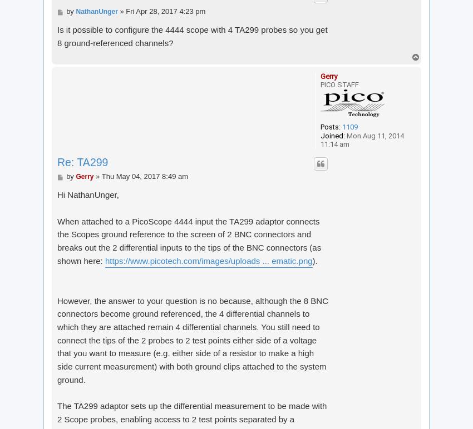 Image resolution: width=473 pixels, height=429 pixels. What do you see at coordinates (189, 240) in the screenshot?
I see `'When attached to a PicoScope 4444 input the TA299 adaptor connects the Scopes ground reference to the screen of 2 BNC connectors and breaks out the 2 differential inputs to the tips of the BNC connectors (as shown here:'` at bounding box center [189, 240].